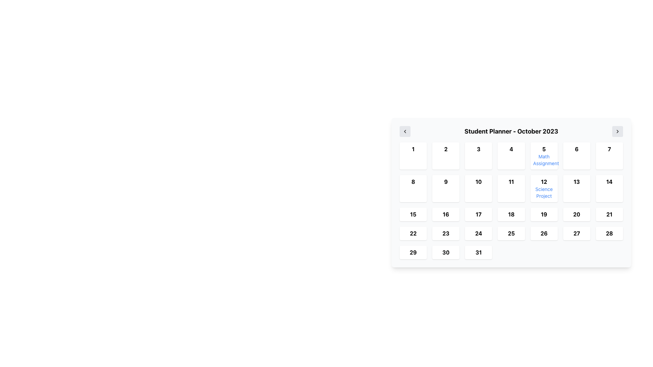 This screenshot has width=653, height=367. I want to click on the calendar date cell representing the date '3', so click(478, 156).